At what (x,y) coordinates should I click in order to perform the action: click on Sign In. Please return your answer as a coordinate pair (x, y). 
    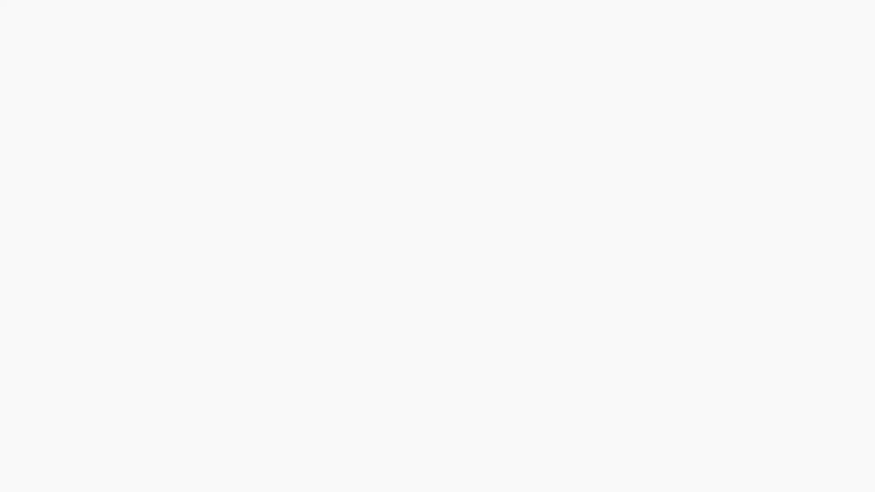
    Looking at the image, I should click on (113, 132).